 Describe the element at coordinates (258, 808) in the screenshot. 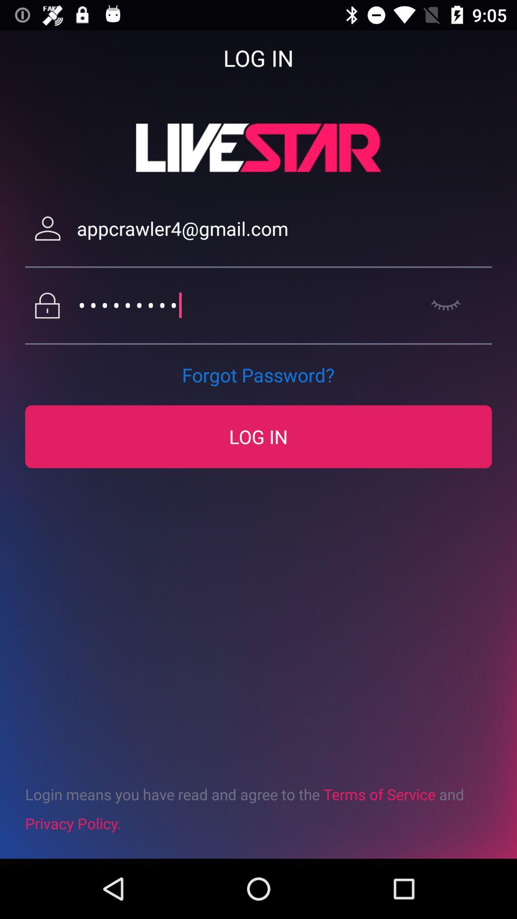

I see `login means you icon` at that location.